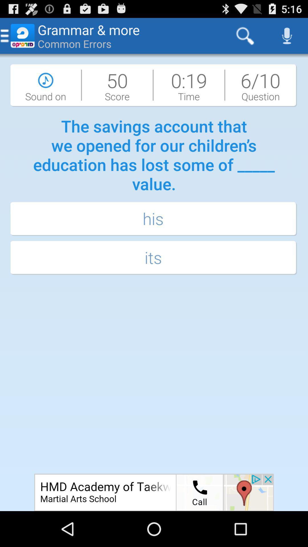  Describe the element at coordinates (154, 258) in the screenshot. I see `its button` at that location.